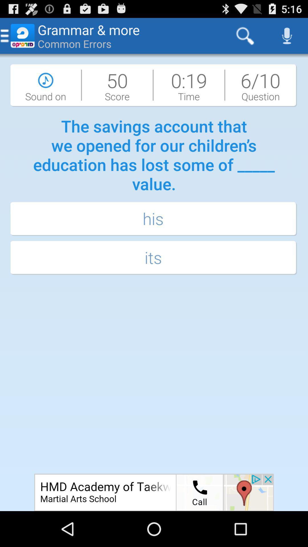  Describe the element at coordinates (154, 258) in the screenshot. I see `its button` at that location.